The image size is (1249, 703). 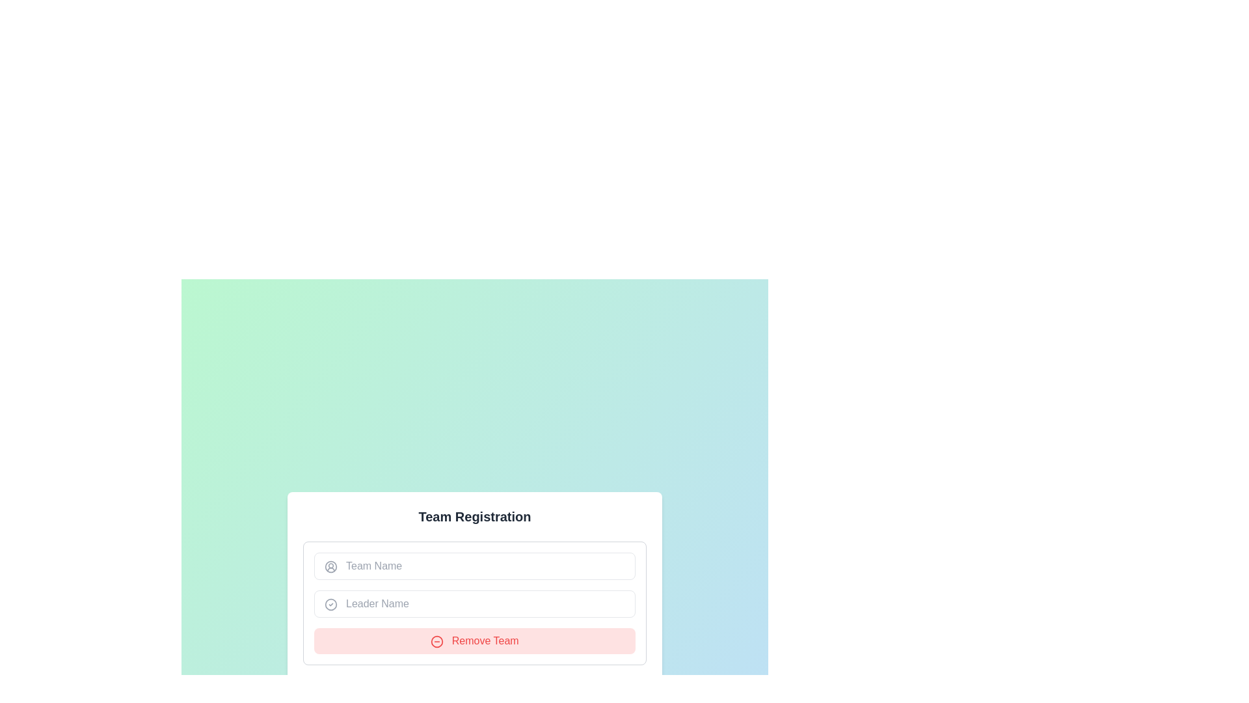 I want to click on the circular red icon with a '-' symbol, located to the left of the 'Remove Team' text within the red button at the bottom of the 'Team Registration' form, so click(x=437, y=641).